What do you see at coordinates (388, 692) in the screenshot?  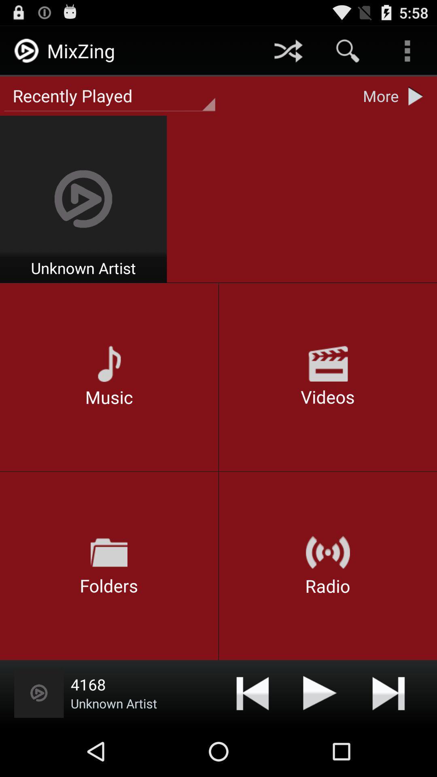 I see `next button` at bounding box center [388, 692].